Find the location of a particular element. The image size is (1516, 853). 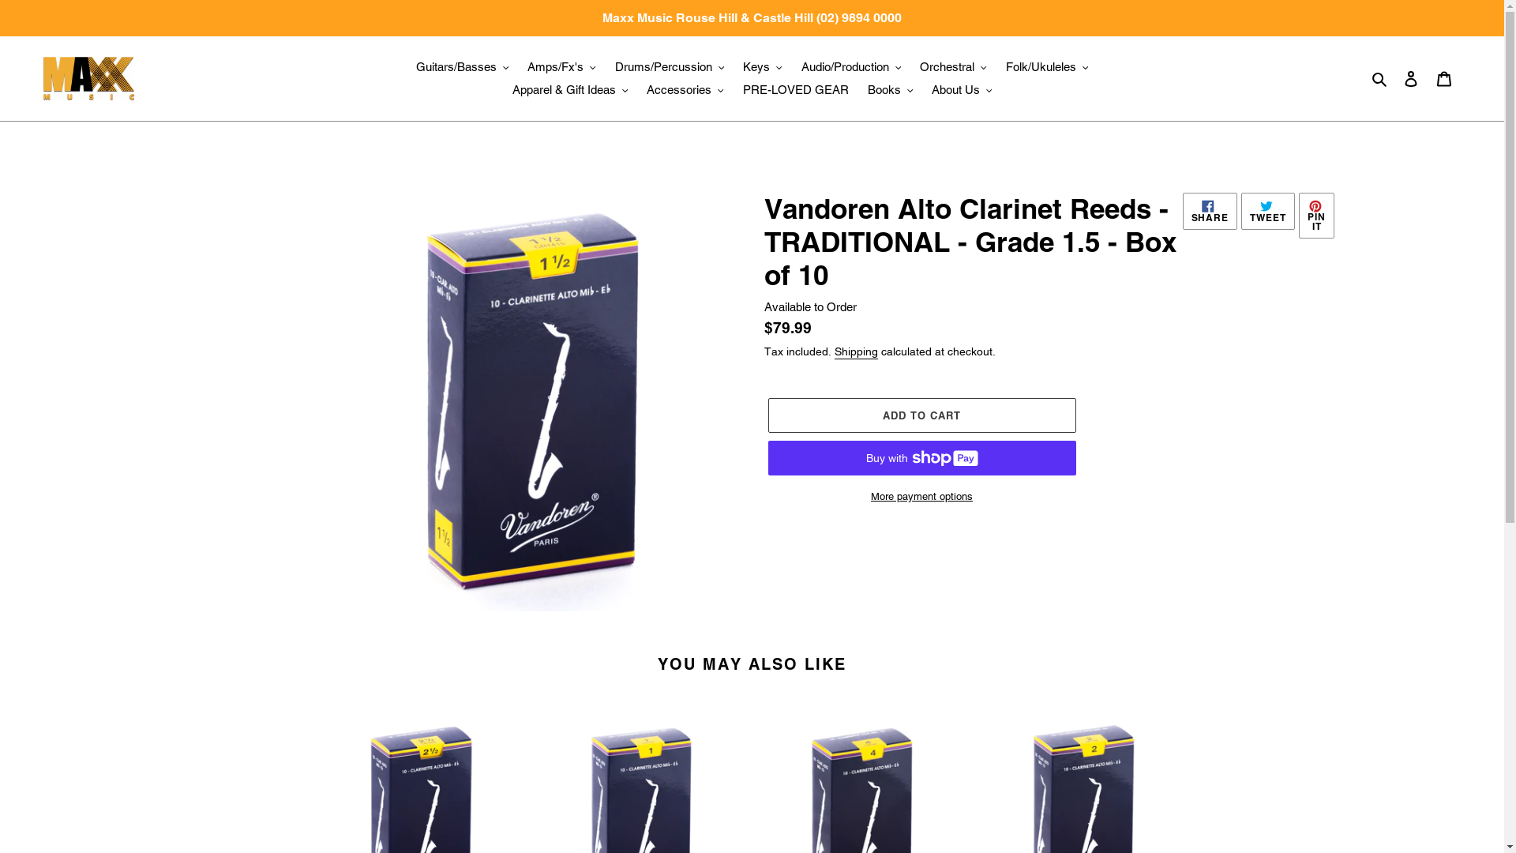

'SHARE is located at coordinates (1209, 210).